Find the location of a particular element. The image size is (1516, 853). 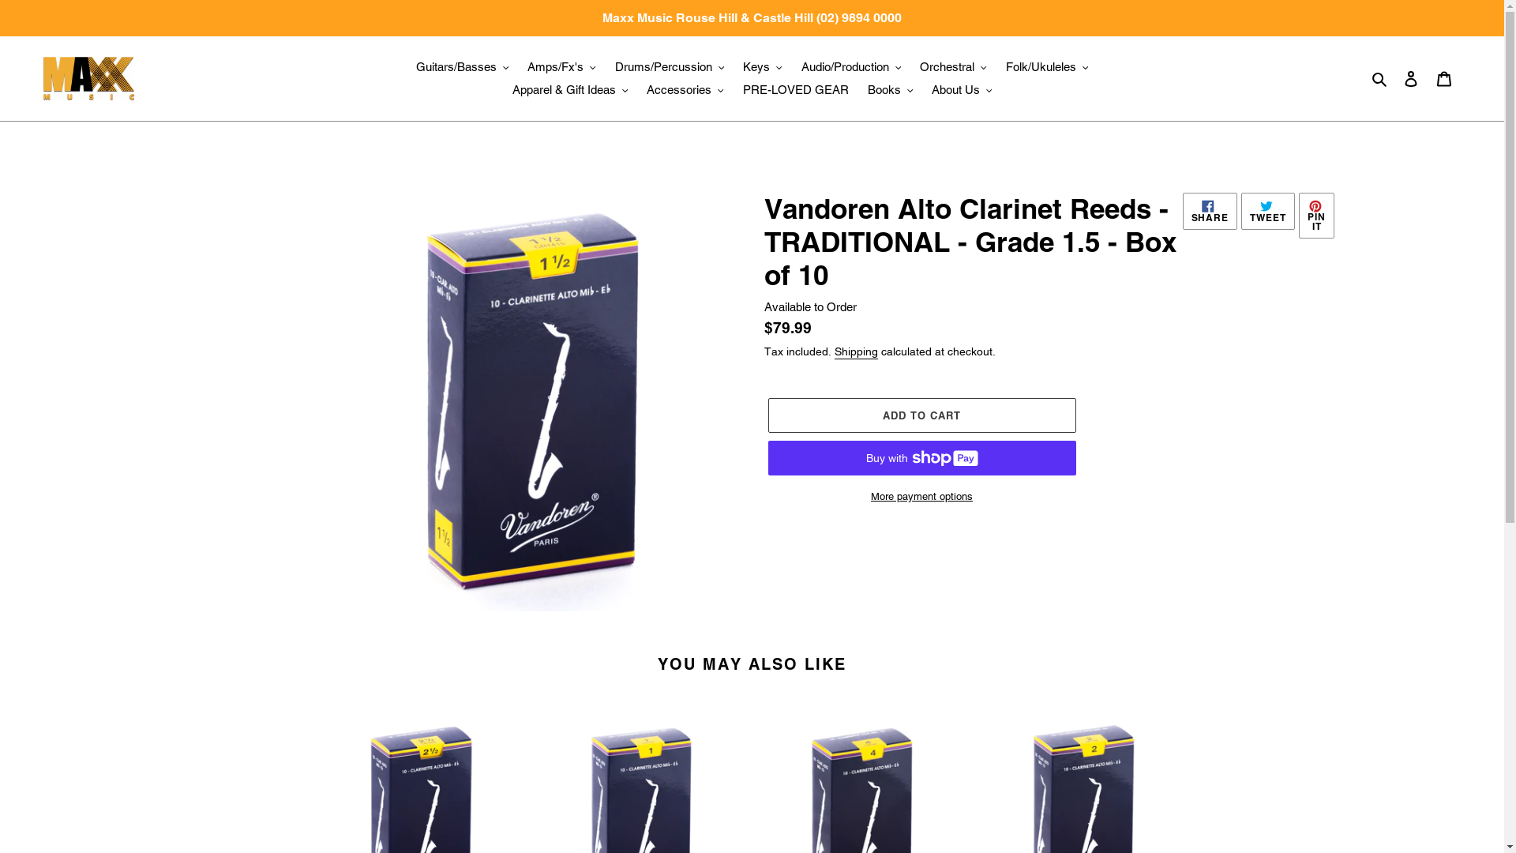

'SHARE is located at coordinates (1209, 210).